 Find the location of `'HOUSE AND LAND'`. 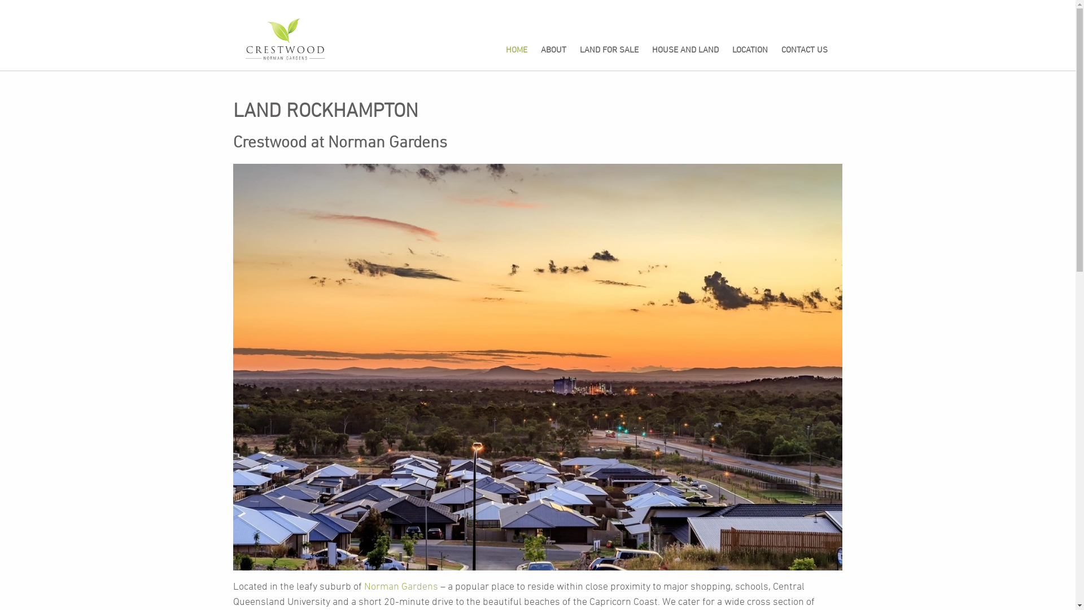

'HOUSE AND LAND' is located at coordinates (685, 50).